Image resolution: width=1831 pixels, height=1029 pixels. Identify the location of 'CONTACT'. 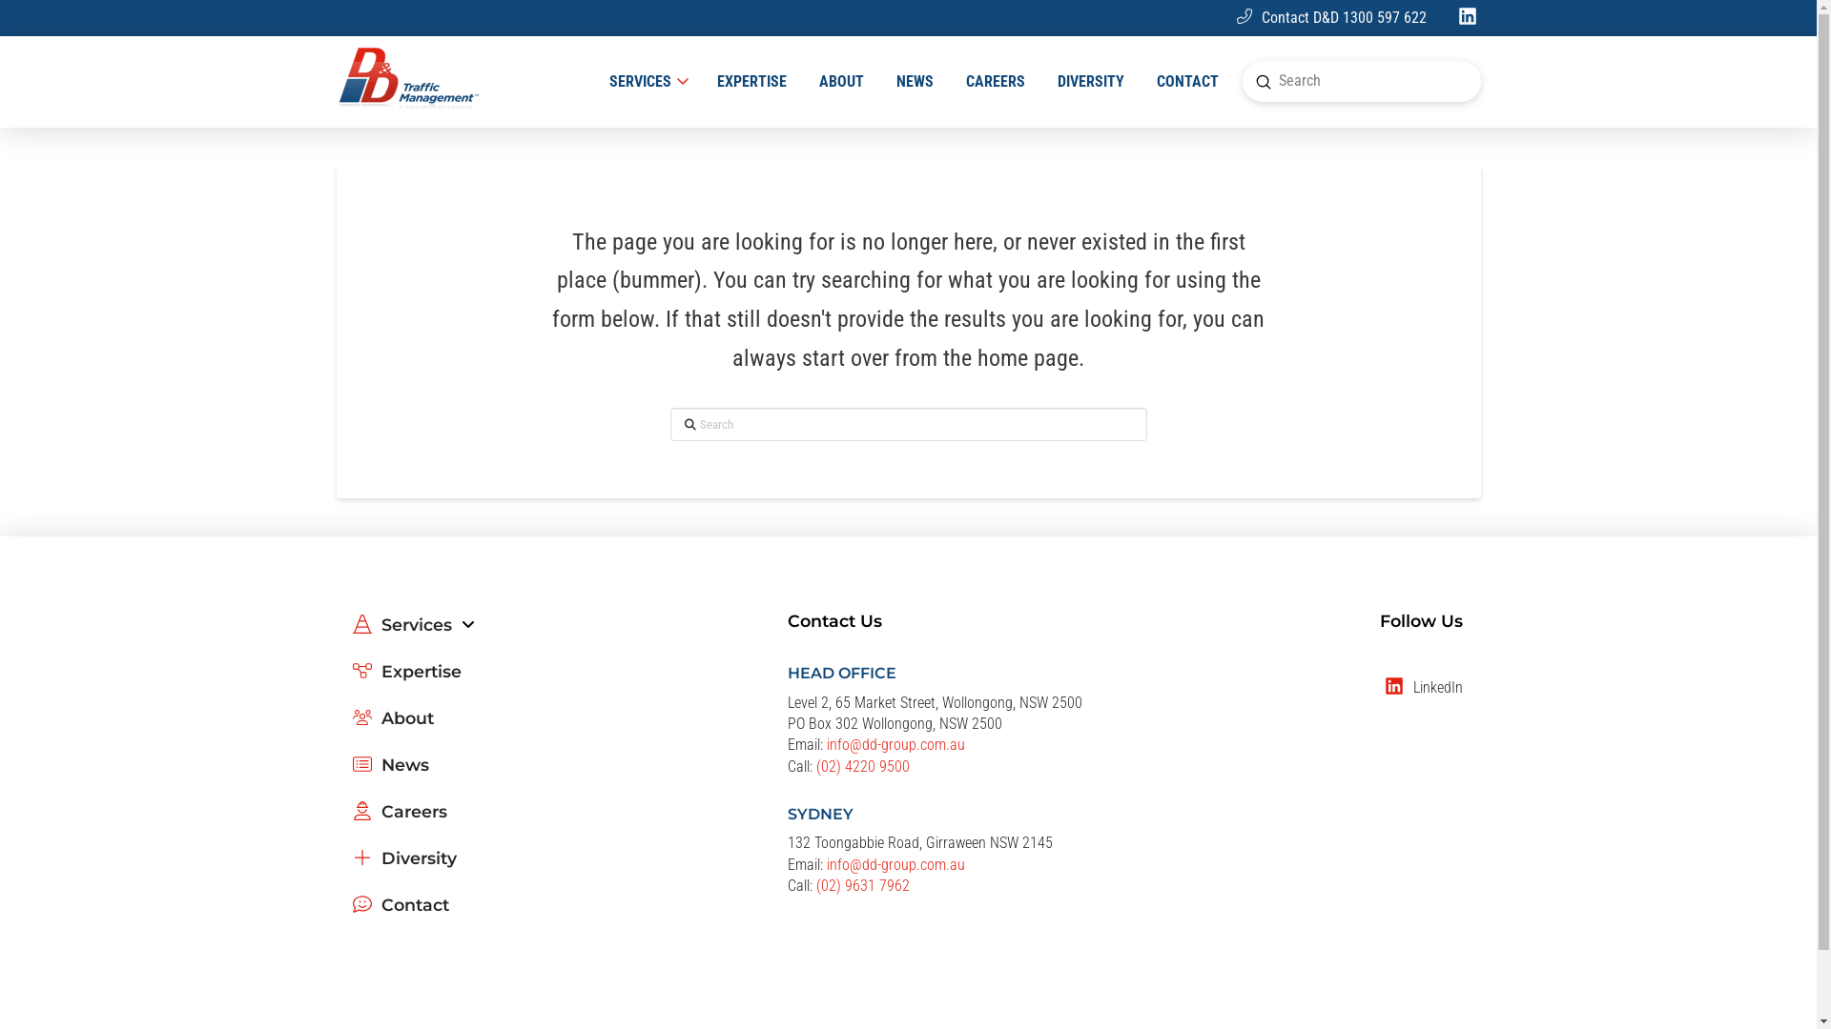
(1186, 80).